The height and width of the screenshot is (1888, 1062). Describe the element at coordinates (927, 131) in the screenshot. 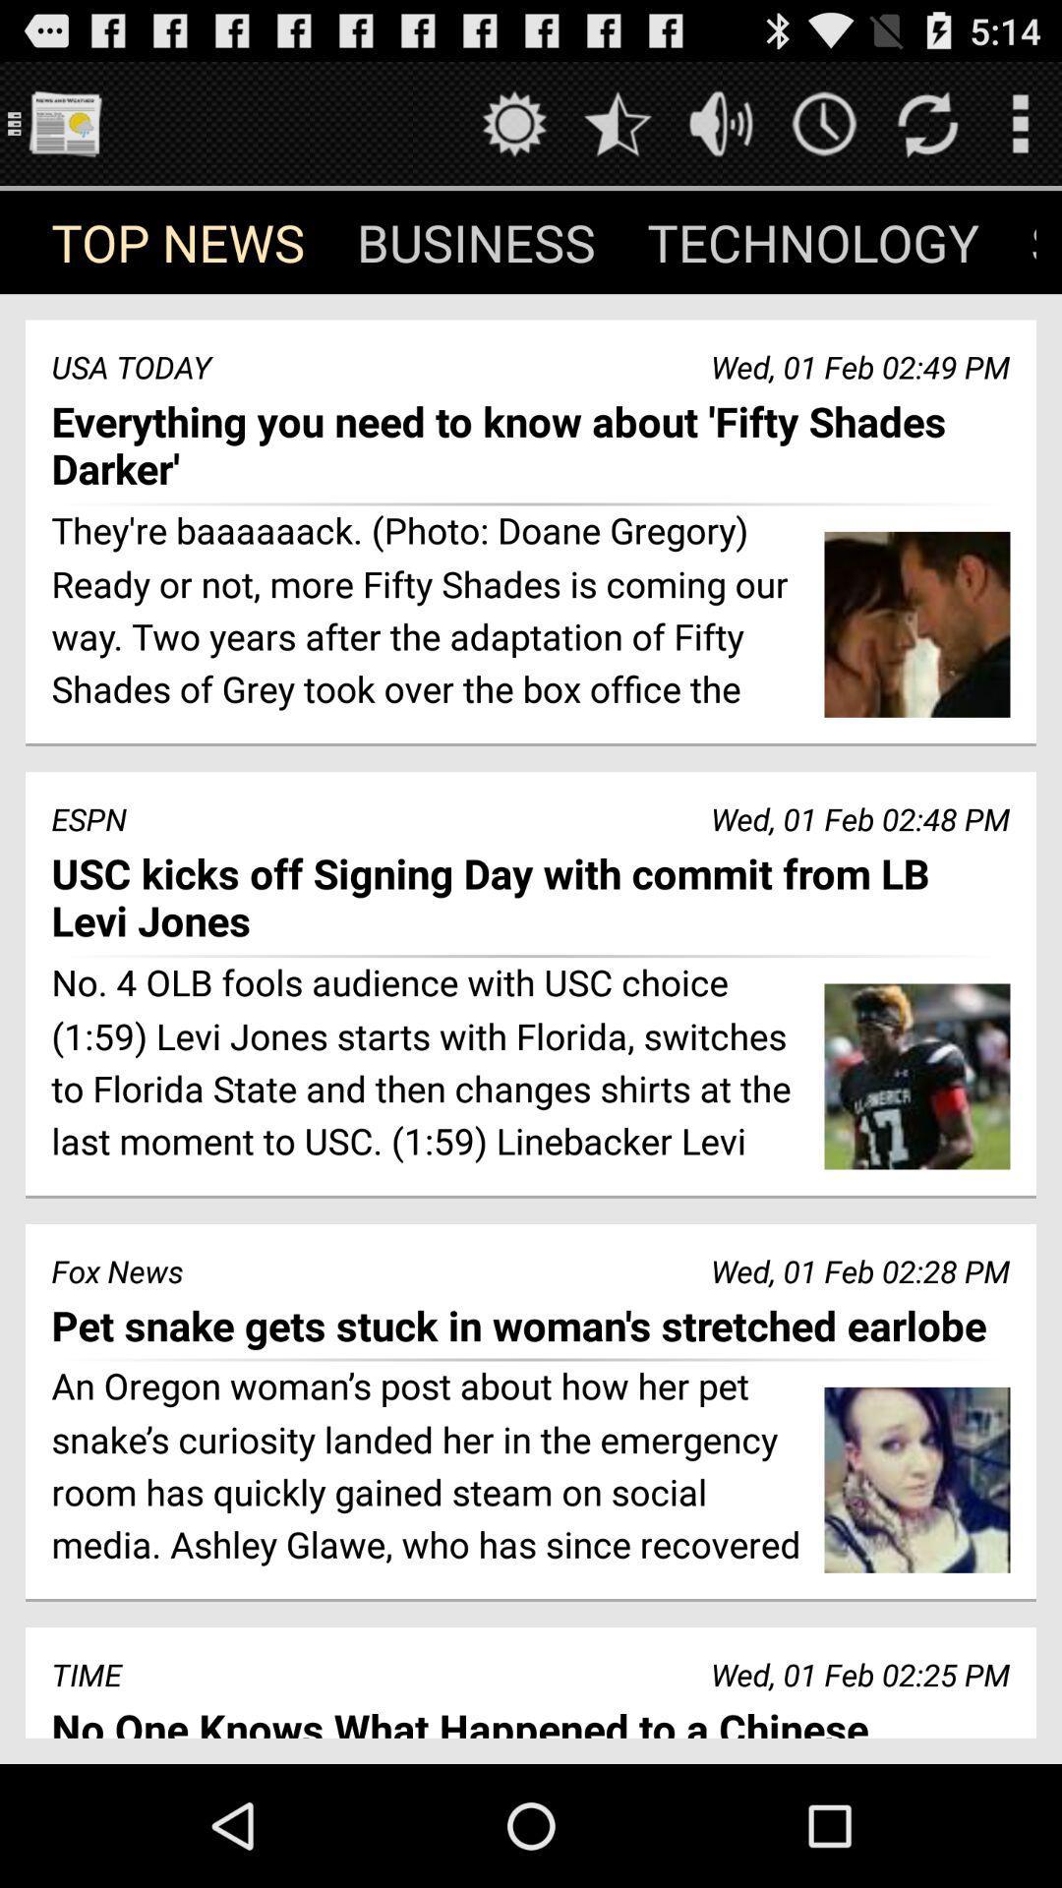

I see `the refresh icon` at that location.